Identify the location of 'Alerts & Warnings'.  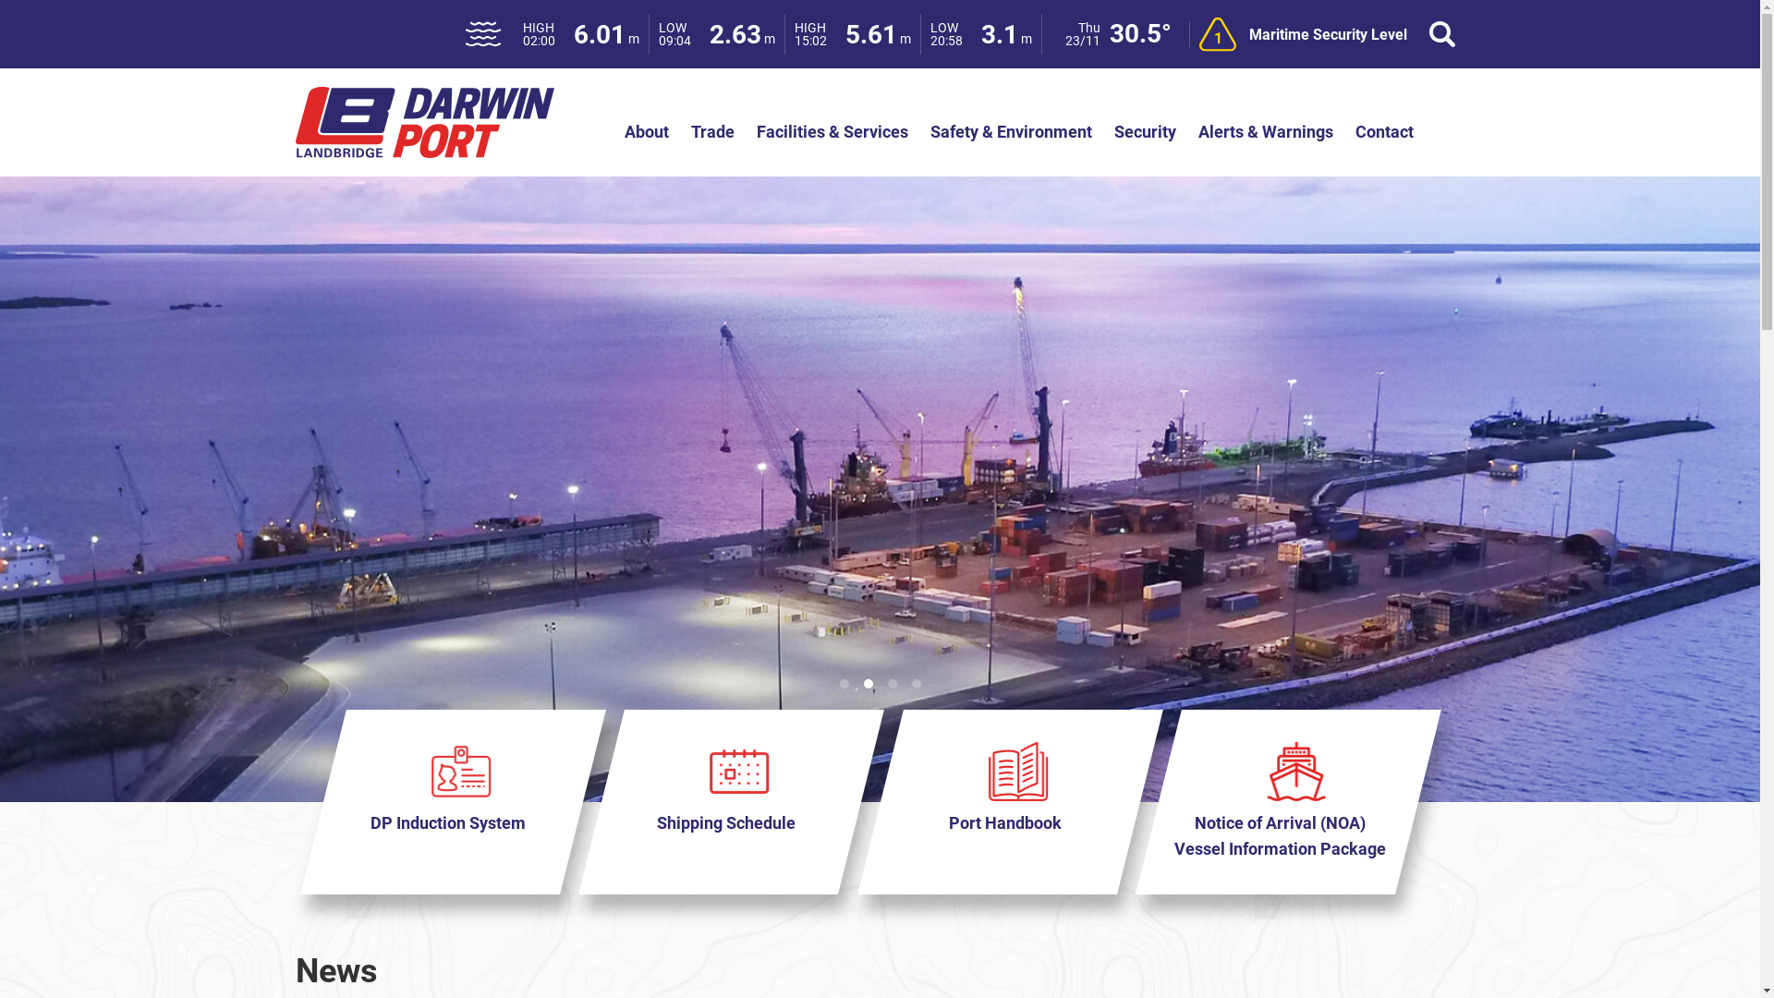
(1263, 130).